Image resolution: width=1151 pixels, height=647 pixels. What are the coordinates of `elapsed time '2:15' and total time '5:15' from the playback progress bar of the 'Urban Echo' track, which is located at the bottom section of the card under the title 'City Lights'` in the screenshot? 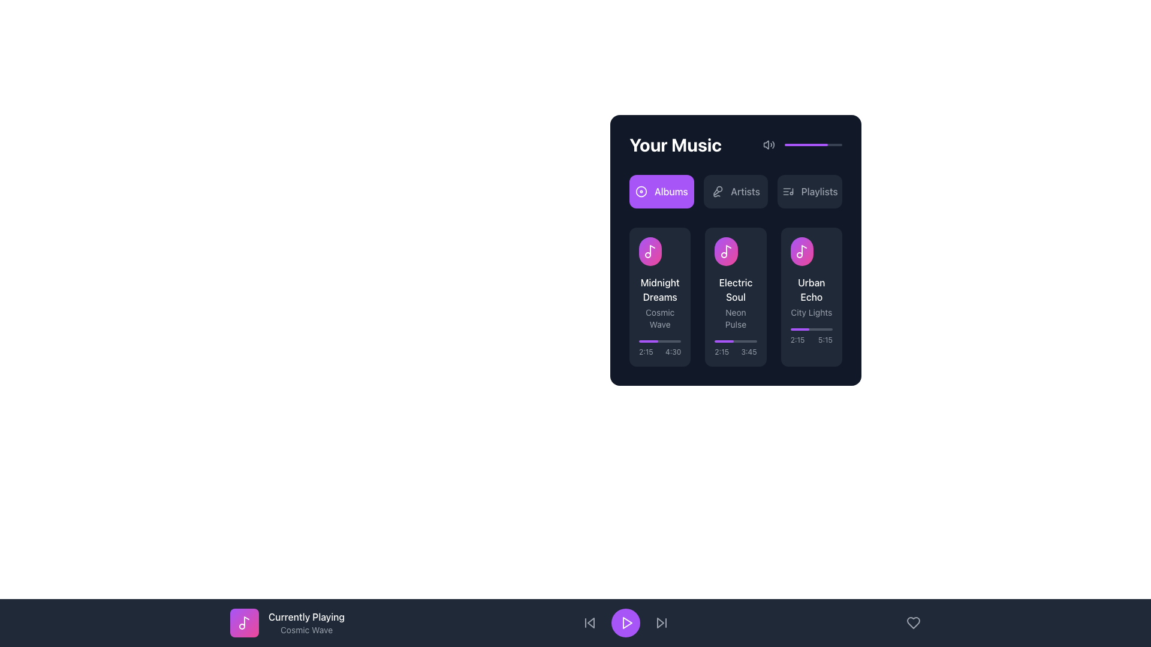 It's located at (811, 337).